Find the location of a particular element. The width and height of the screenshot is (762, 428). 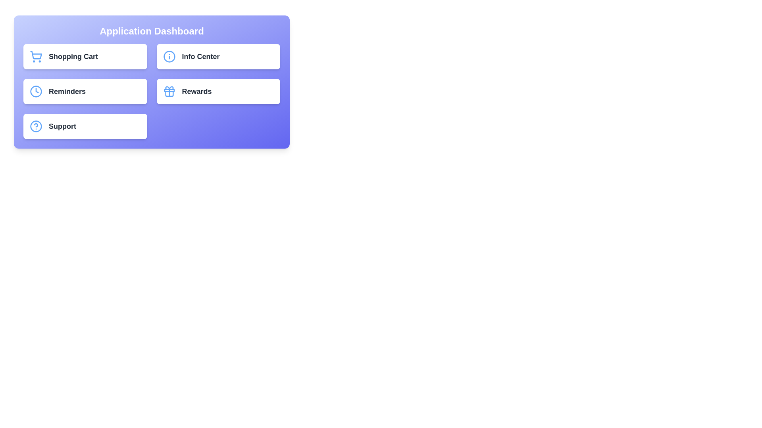

the support button located at the bottom of the Application Dashboard section is located at coordinates (85, 126).